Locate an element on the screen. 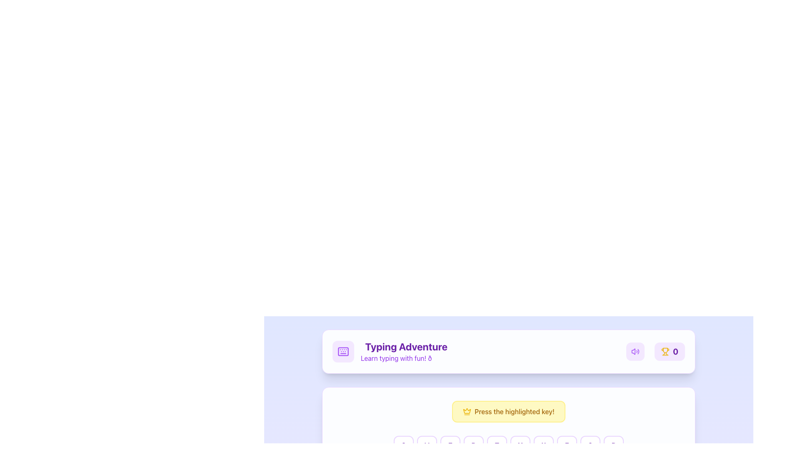 This screenshot has height=450, width=800. the trophy icon represented by a yellow SVG graphic located in the top right corner of the interface, adjacent to a numeric element is located at coordinates (665, 350).